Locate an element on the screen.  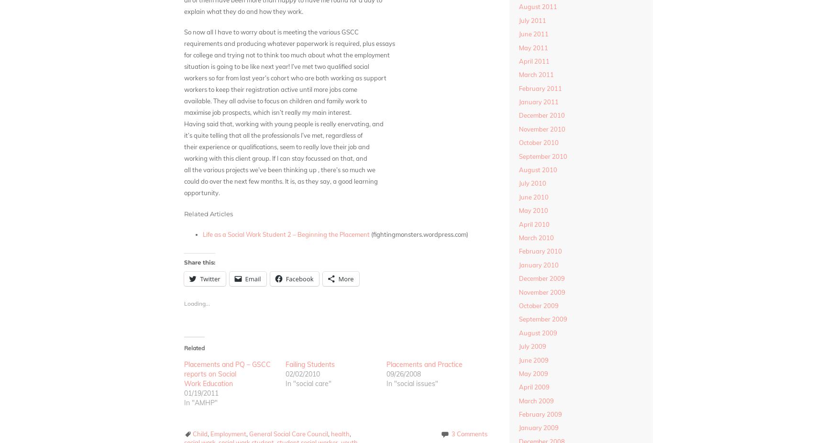
'March 2010' is located at coordinates (536, 236).